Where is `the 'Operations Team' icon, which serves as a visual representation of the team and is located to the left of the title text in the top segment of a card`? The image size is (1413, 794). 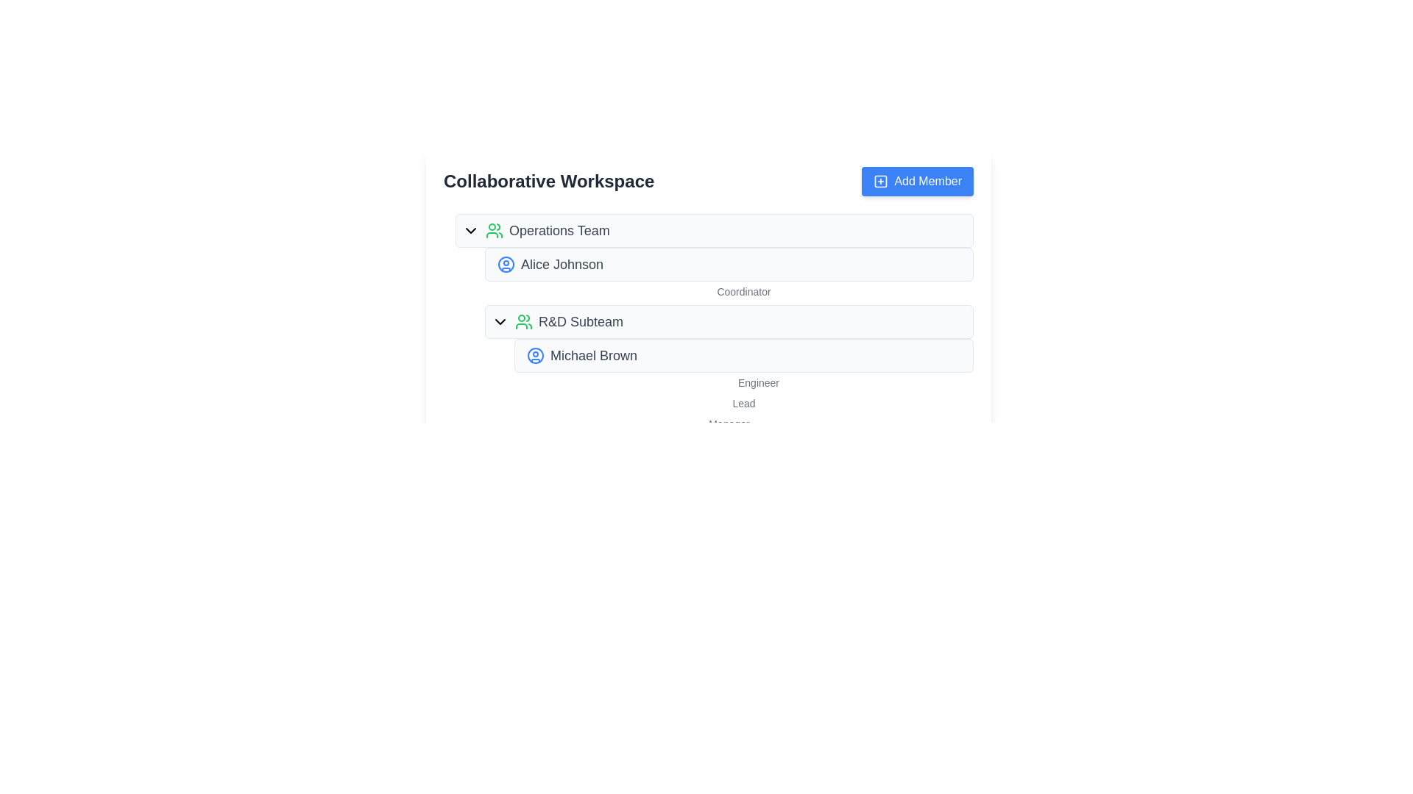
the 'Operations Team' icon, which serves as a visual representation of the team and is located to the left of the title text in the top segment of a card is located at coordinates (495, 230).